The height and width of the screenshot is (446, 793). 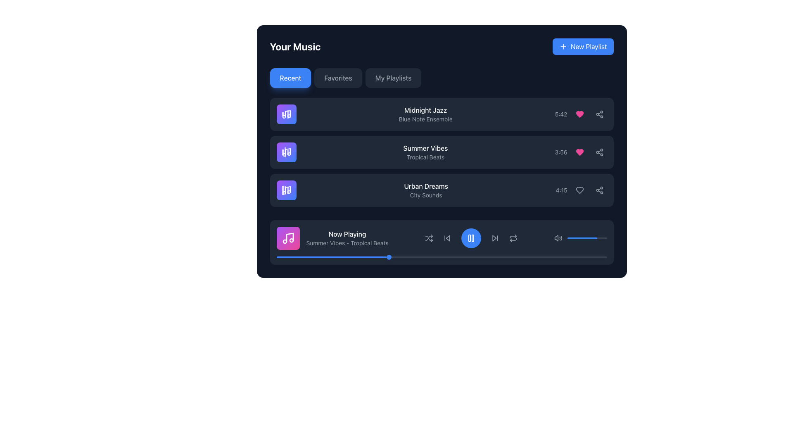 What do you see at coordinates (561, 152) in the screenshot?
I see `the text label displaying the duration of the song 'Summer Vibes', which shows '3:56', located in the second song row, between the title/artist text and the heart-shaped icon` at bounding box center [561, 152].